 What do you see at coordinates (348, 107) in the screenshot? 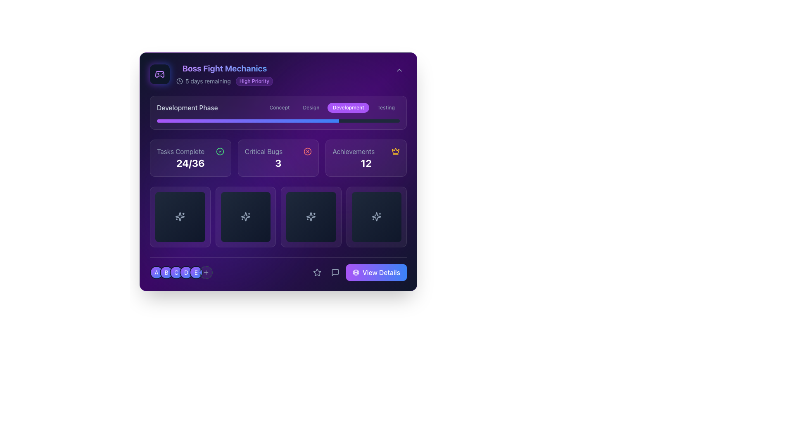
I see `the 'Development' button, which is the third button in a group of four buttons labeled 'Concept', 'Design', 'Development', and 'Testing'` at bounding box center [348, 107].